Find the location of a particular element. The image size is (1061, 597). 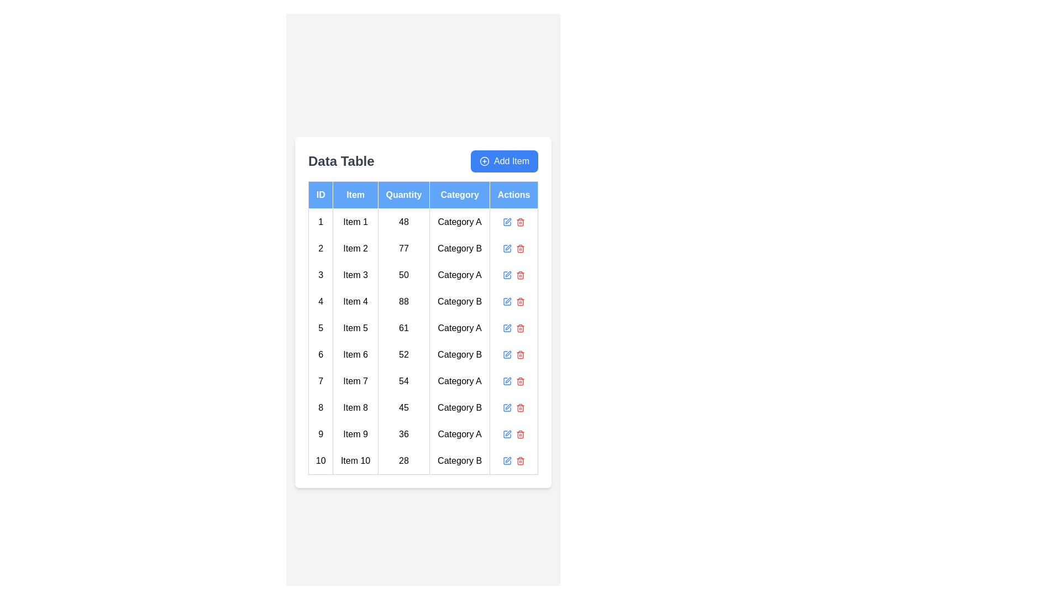

the numeral '1' displayed in the first column and first row of the 'Data Table' for interaction is located at coordinates (320, 222).